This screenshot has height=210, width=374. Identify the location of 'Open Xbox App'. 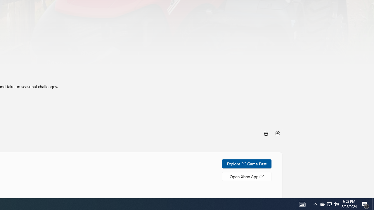
(247, 176).